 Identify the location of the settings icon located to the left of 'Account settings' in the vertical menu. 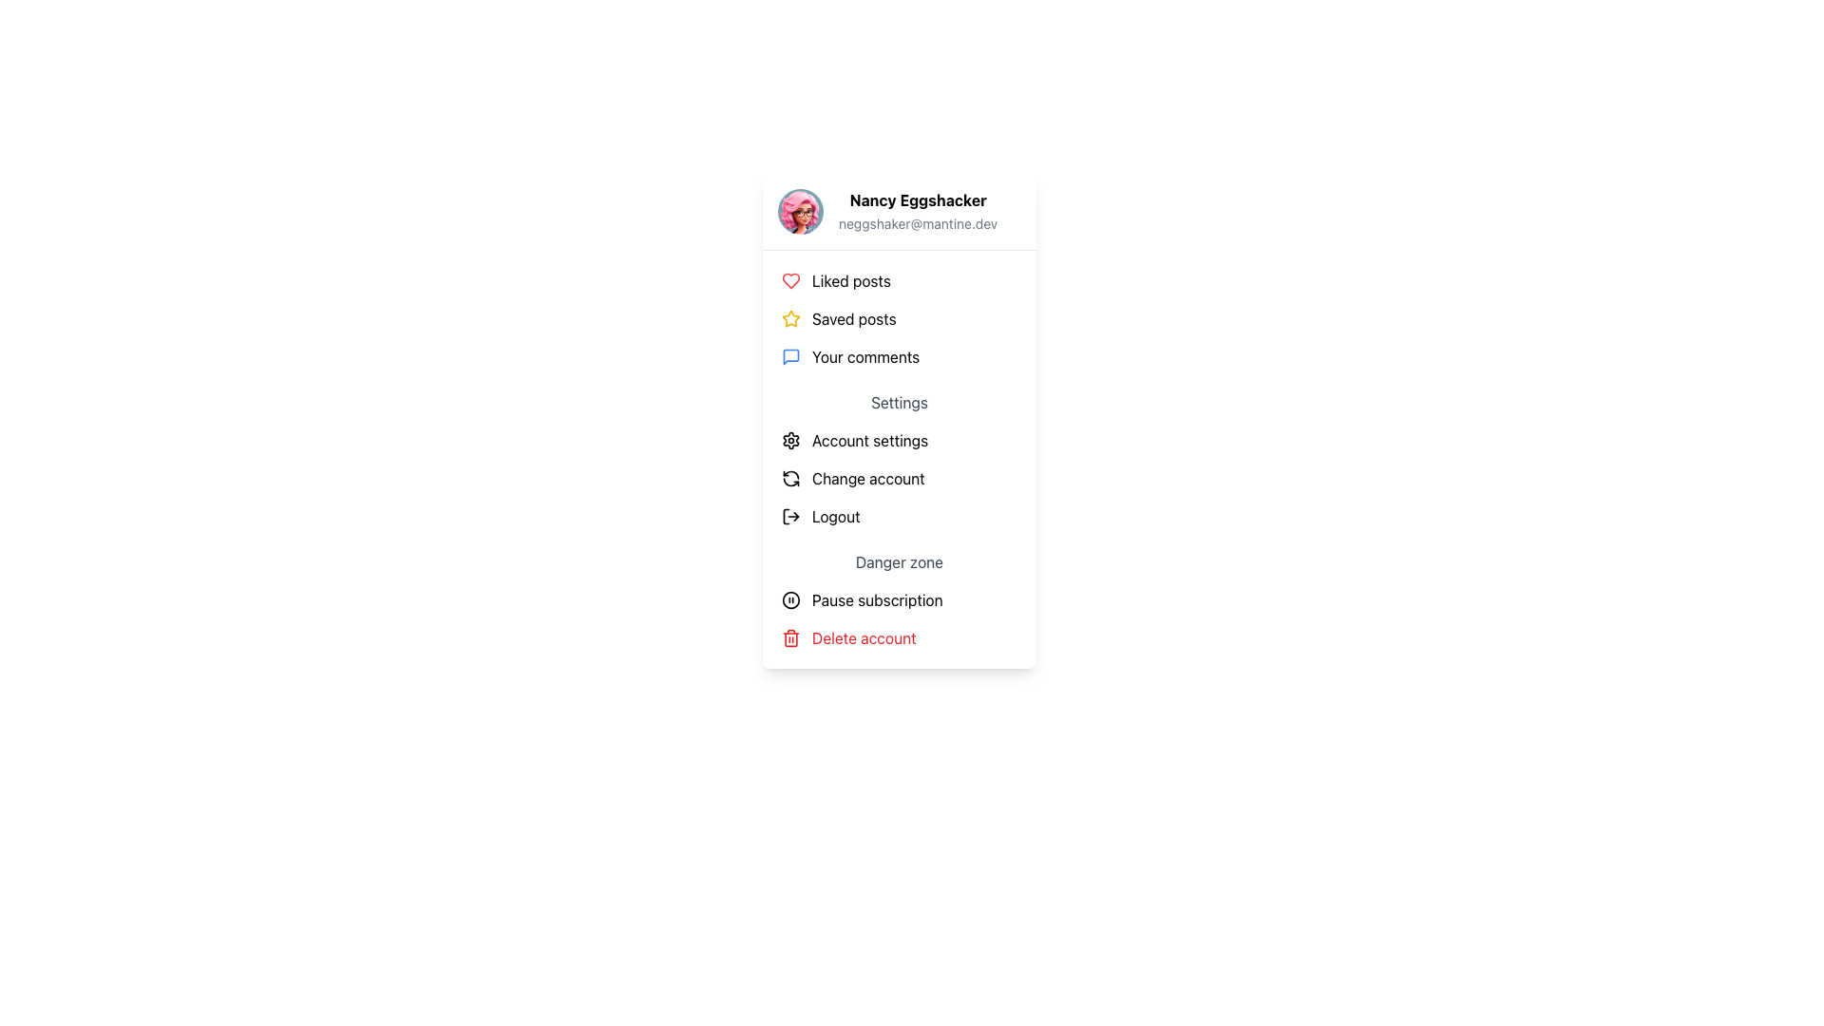
(791, 440).